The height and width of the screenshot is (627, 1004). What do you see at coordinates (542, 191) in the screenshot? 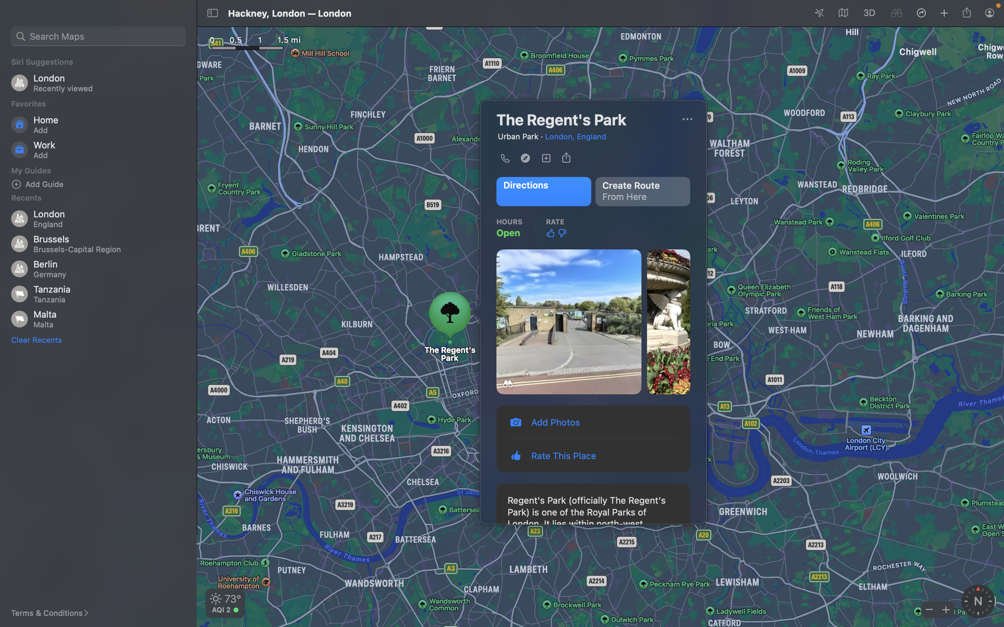
I see `Get directions to the nearest public transportation station` at bounding box center [542, 191].